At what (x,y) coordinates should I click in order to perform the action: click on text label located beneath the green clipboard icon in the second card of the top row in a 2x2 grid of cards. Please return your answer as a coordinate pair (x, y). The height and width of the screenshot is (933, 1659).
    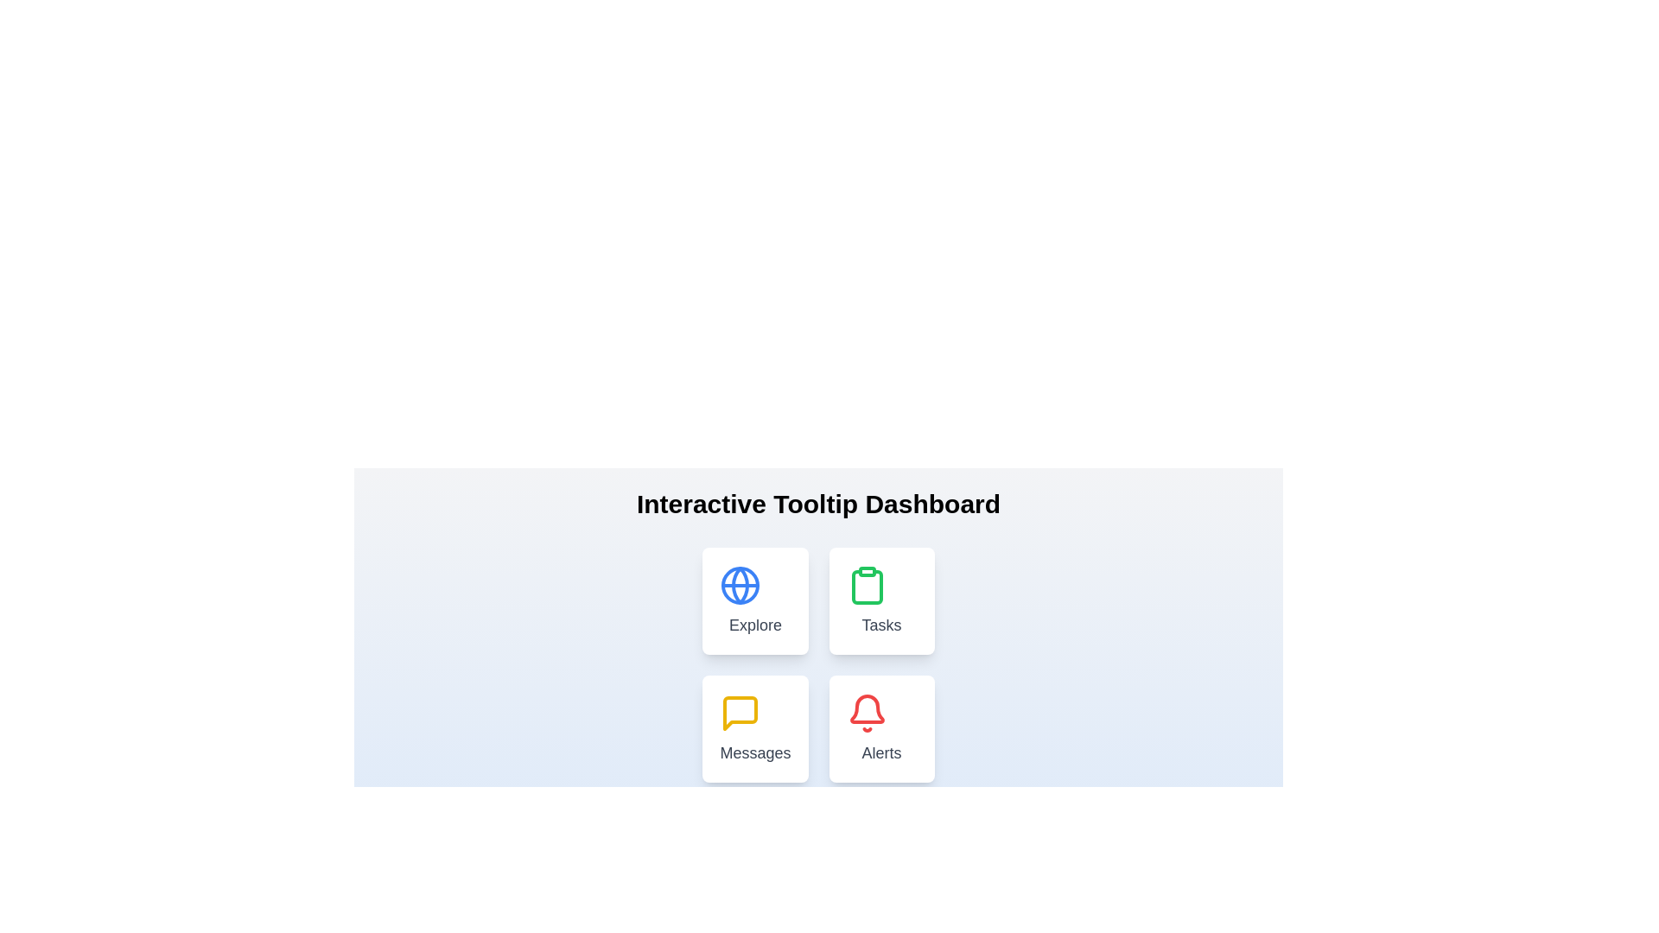
    Looking at the image, I should click on (881, 625).